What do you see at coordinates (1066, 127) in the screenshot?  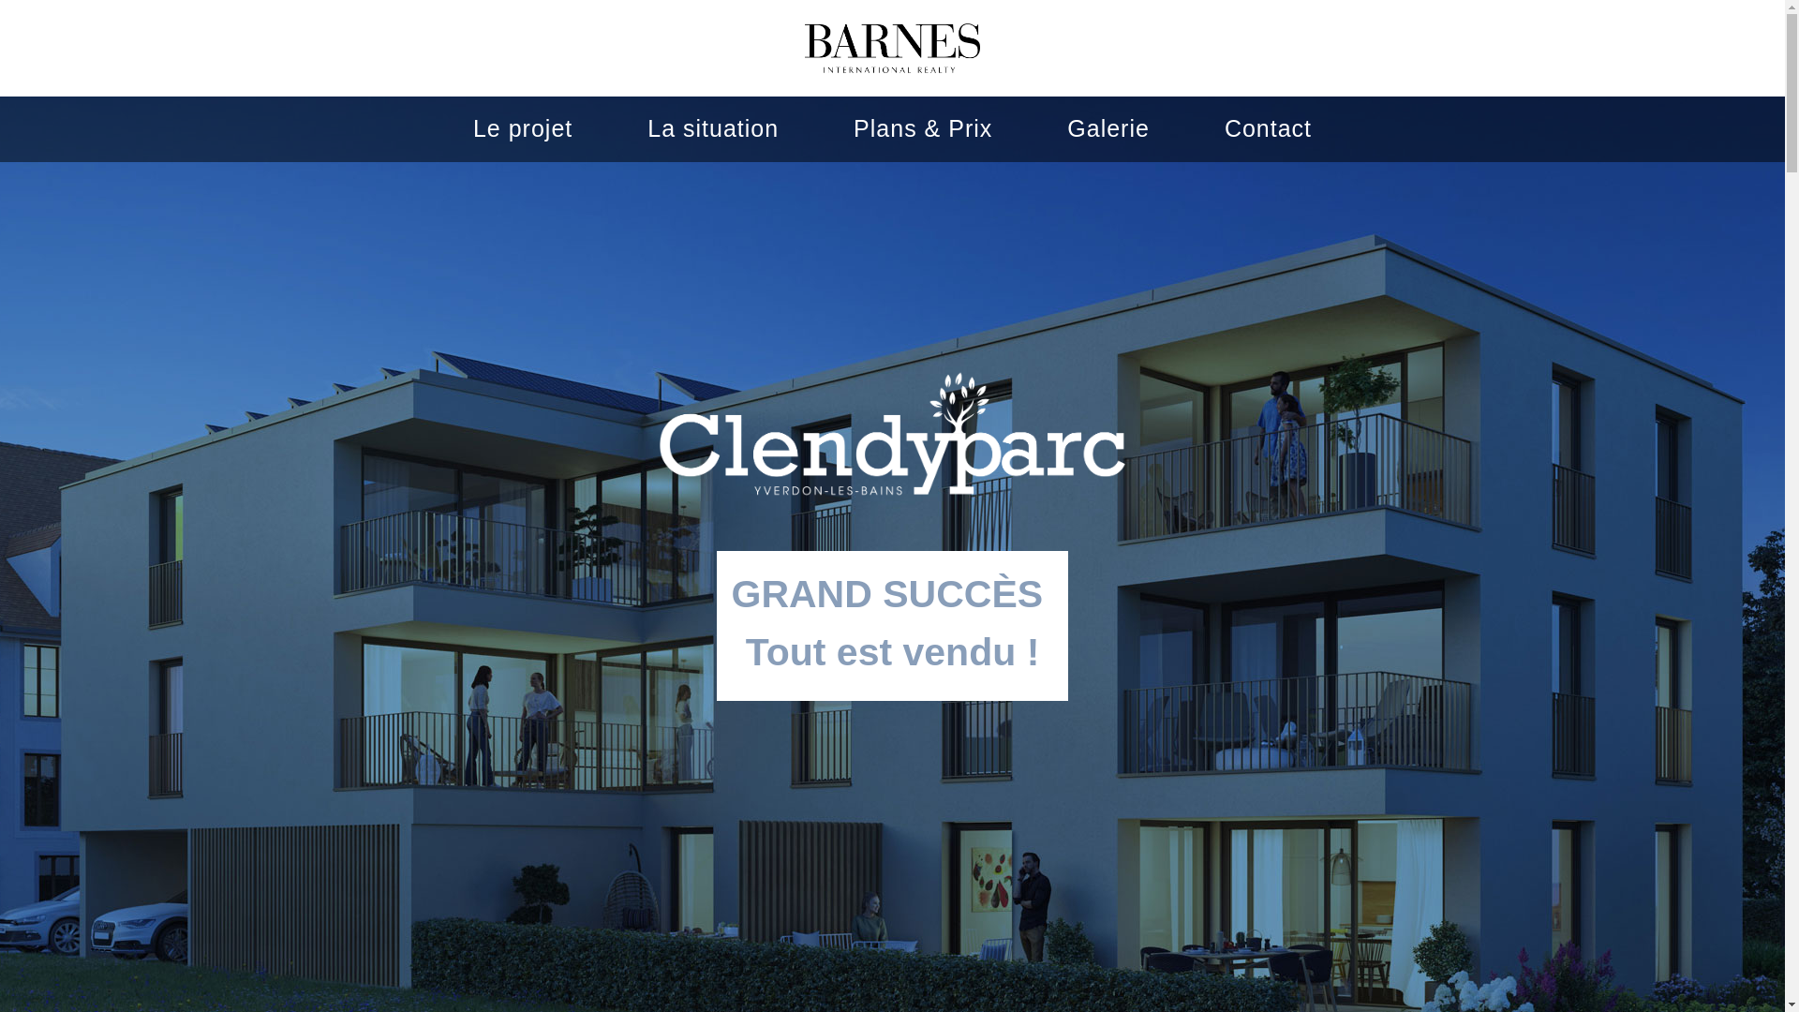 I see `'Galerie'` at bounding box center [1066, 127].